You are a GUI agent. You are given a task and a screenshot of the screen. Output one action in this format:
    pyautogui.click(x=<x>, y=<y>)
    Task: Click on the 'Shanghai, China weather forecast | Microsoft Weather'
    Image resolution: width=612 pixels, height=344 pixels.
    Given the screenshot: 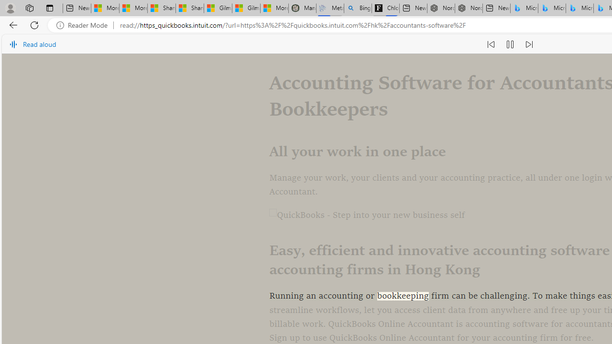 What is the action you would take?
    pyautogui.click(x=189, y=8)
    